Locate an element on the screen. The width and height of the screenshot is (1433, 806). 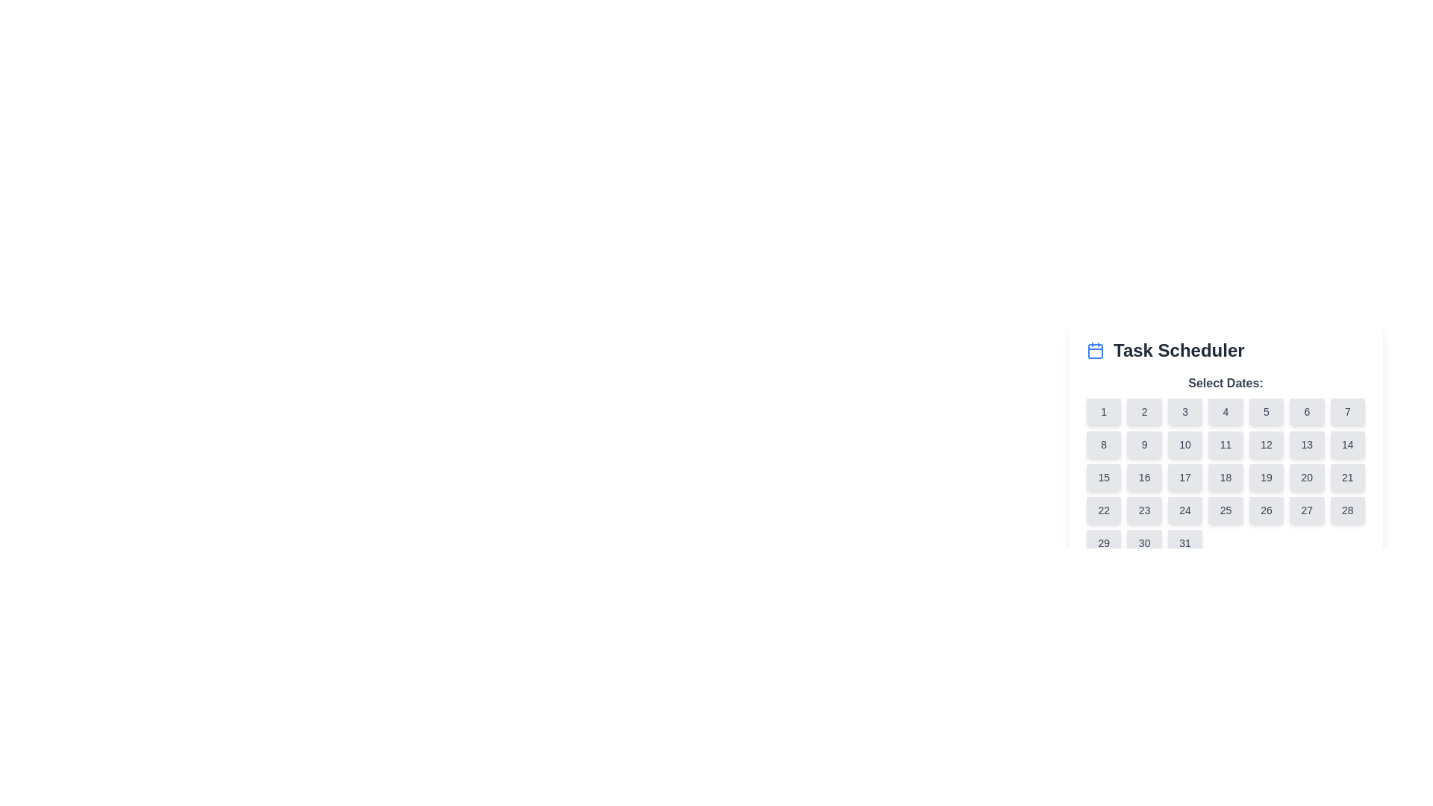
the 28th selectable date button in the calendar interface is located at coordinates (1347, 509).